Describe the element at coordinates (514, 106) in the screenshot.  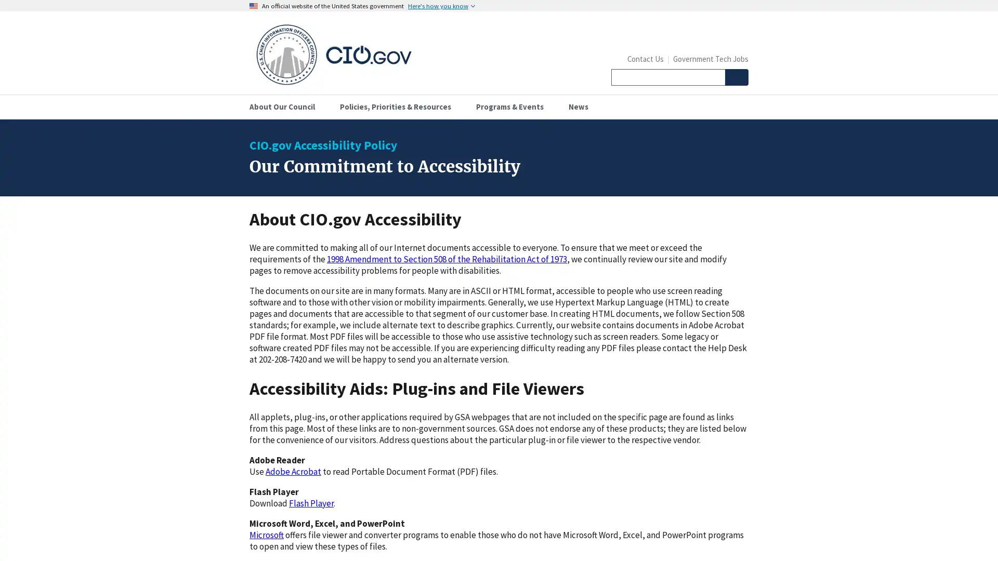
I see `Programs & Events` at that location.